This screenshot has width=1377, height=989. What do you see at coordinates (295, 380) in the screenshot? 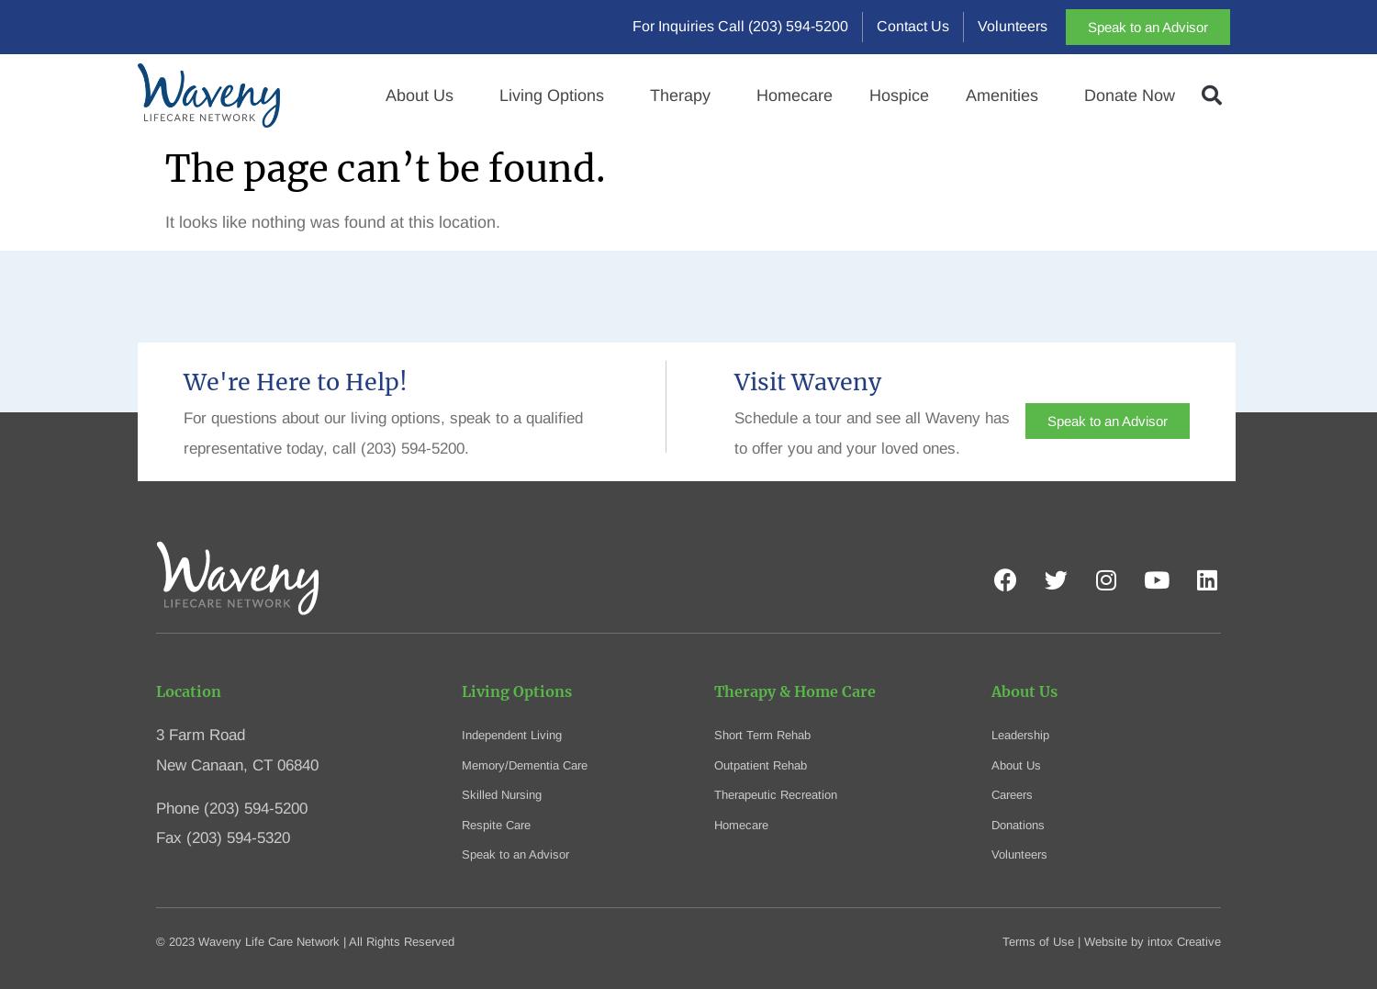
I see `'We're Here to Help!'` at bounding box center [295, 380].